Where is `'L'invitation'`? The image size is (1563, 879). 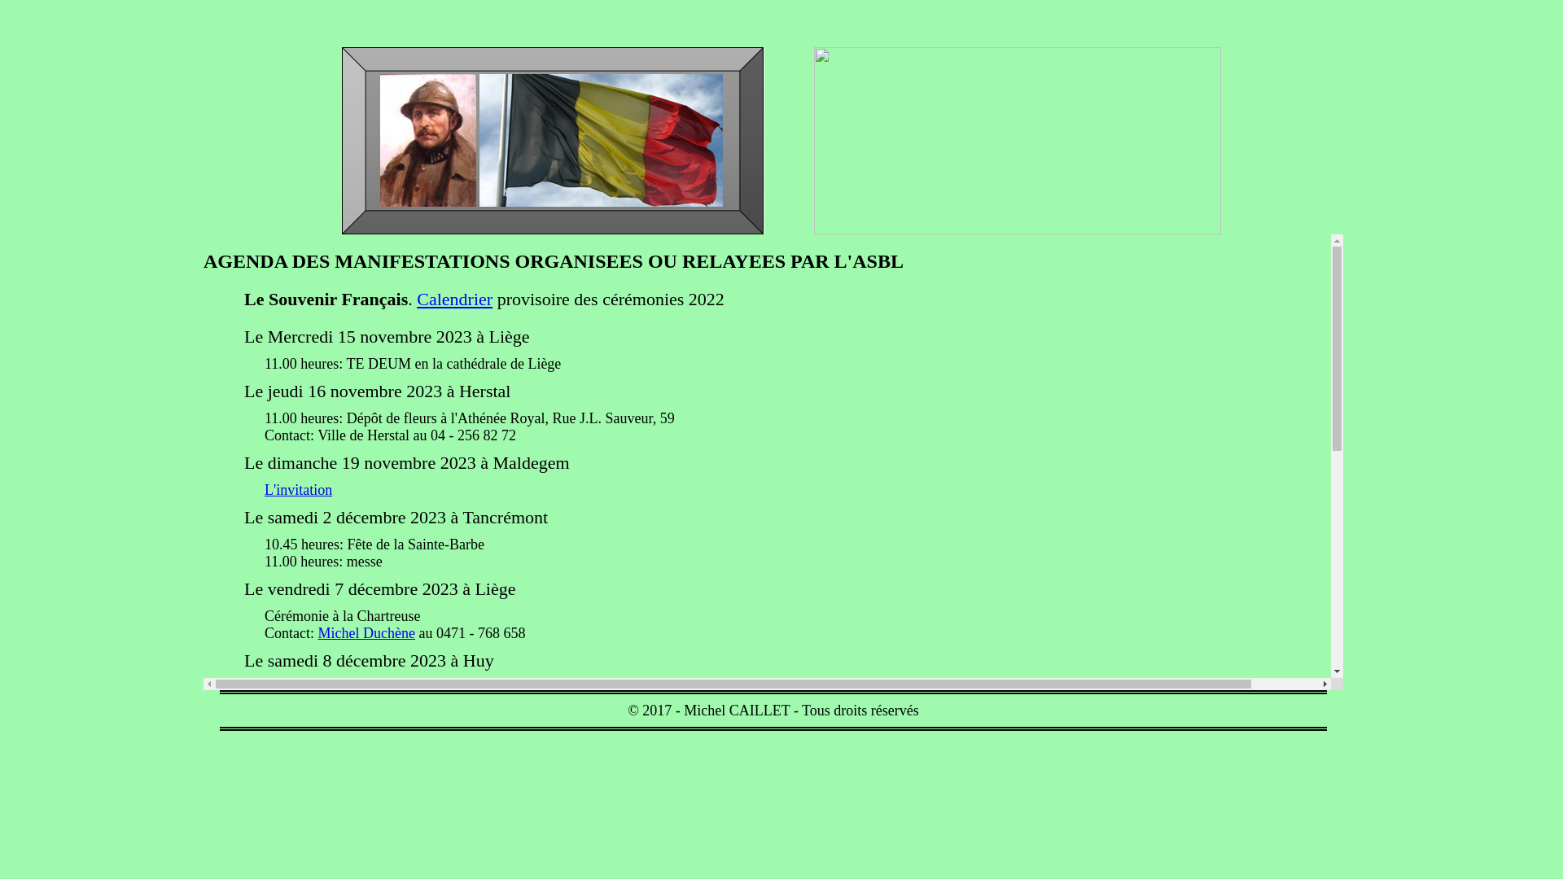 'L'invitation' is located at coordinates (298, 488).